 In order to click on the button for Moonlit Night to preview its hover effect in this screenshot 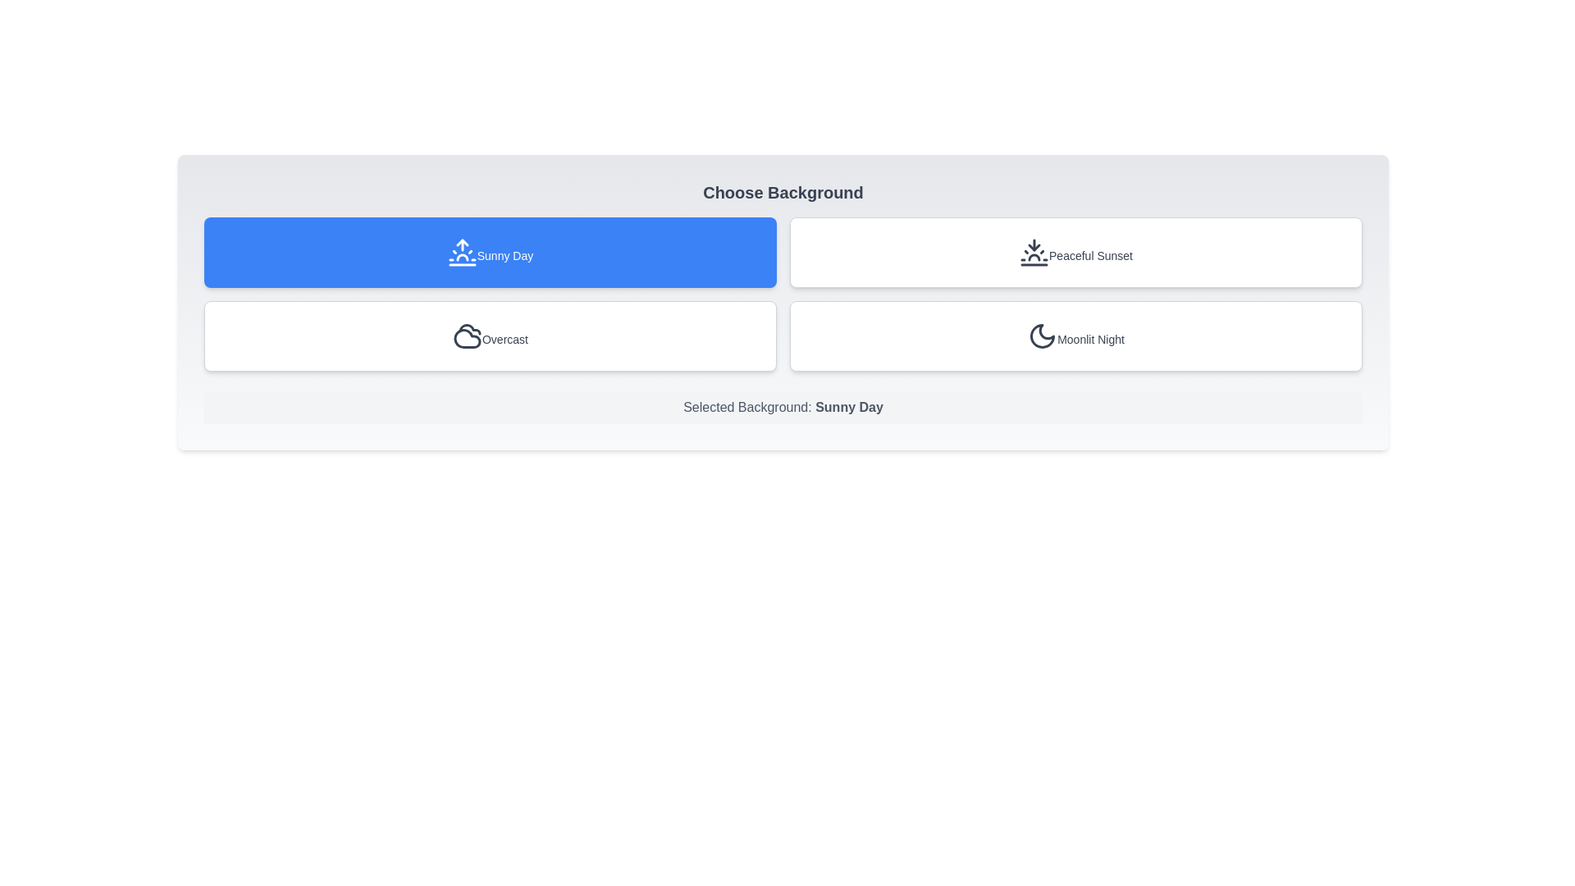, I will do `click(1075, 335)`.